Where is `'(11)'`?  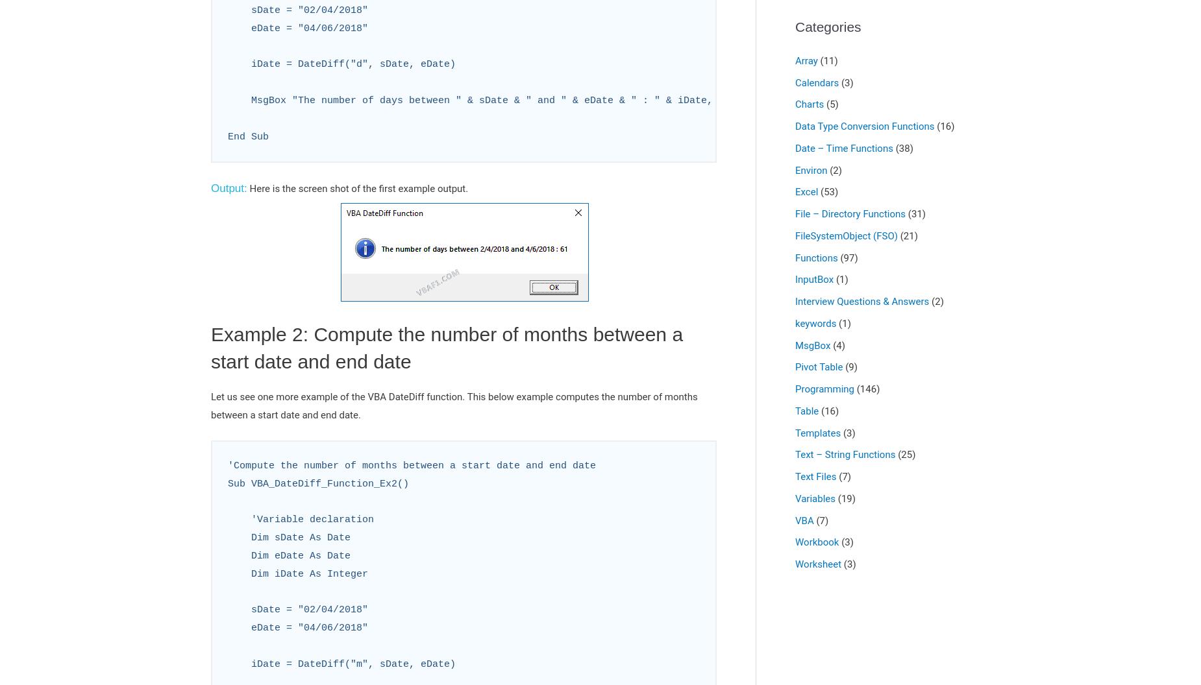
'(11)' is located at coordinates (816, 60).